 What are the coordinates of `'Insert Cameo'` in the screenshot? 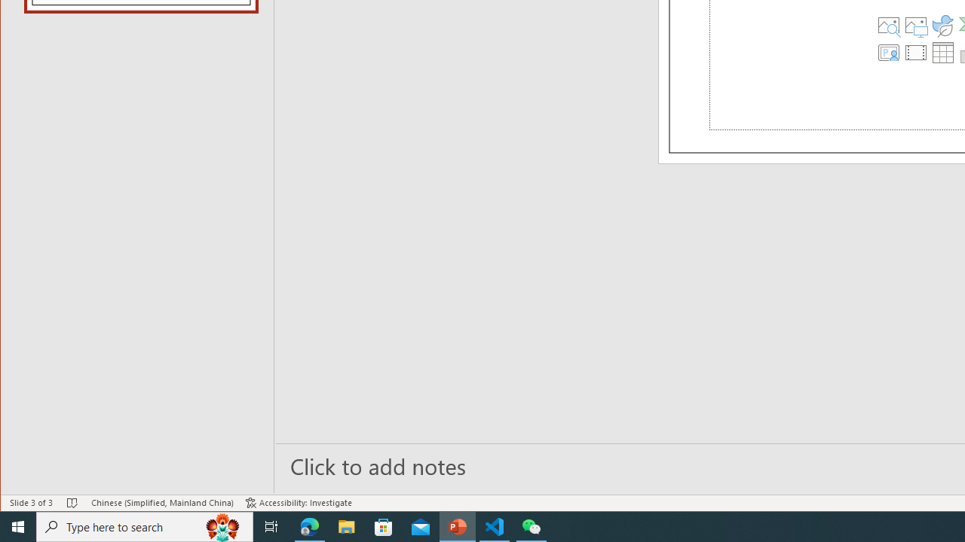 It's located at (889, 51).